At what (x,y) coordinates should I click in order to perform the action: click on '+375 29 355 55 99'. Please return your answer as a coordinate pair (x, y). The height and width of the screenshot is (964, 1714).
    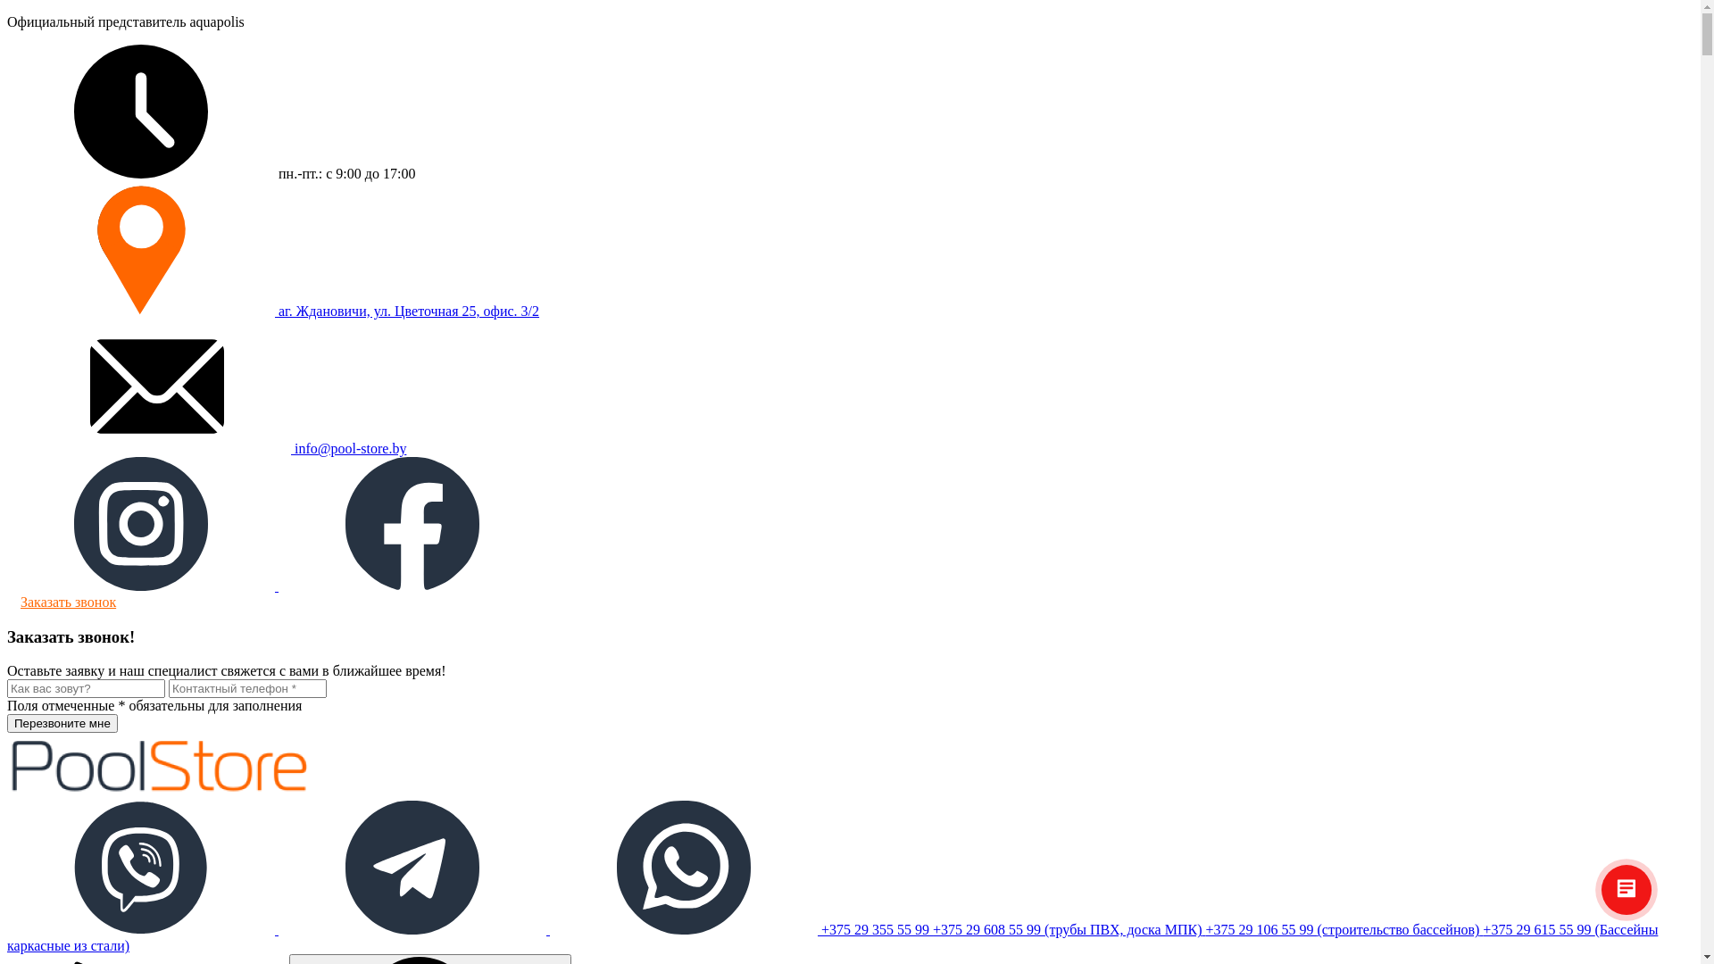
    Looking at the image, I should click on (877, 928).